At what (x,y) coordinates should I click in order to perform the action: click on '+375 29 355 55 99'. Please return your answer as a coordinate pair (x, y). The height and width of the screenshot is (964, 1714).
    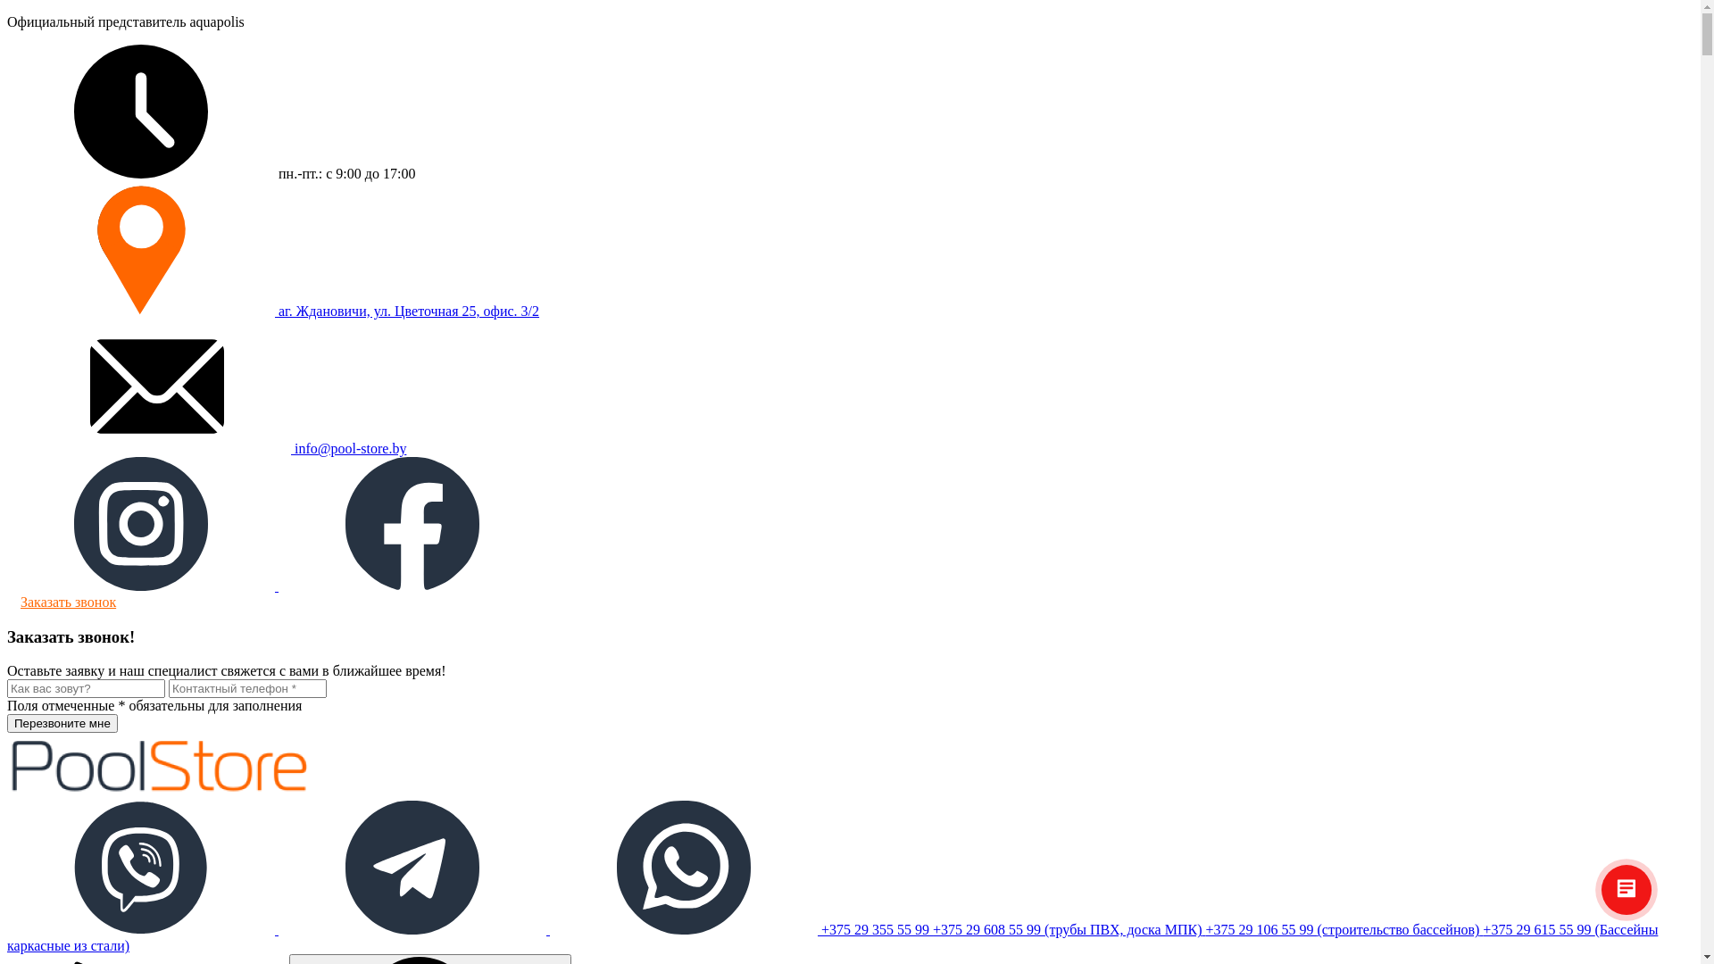
    Looking at the image, I should click on (877, 928).